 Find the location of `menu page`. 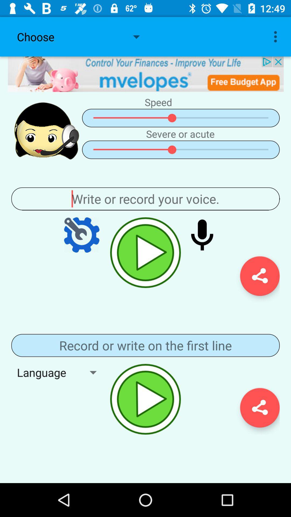

menu page is located at coordinates (82, 235).